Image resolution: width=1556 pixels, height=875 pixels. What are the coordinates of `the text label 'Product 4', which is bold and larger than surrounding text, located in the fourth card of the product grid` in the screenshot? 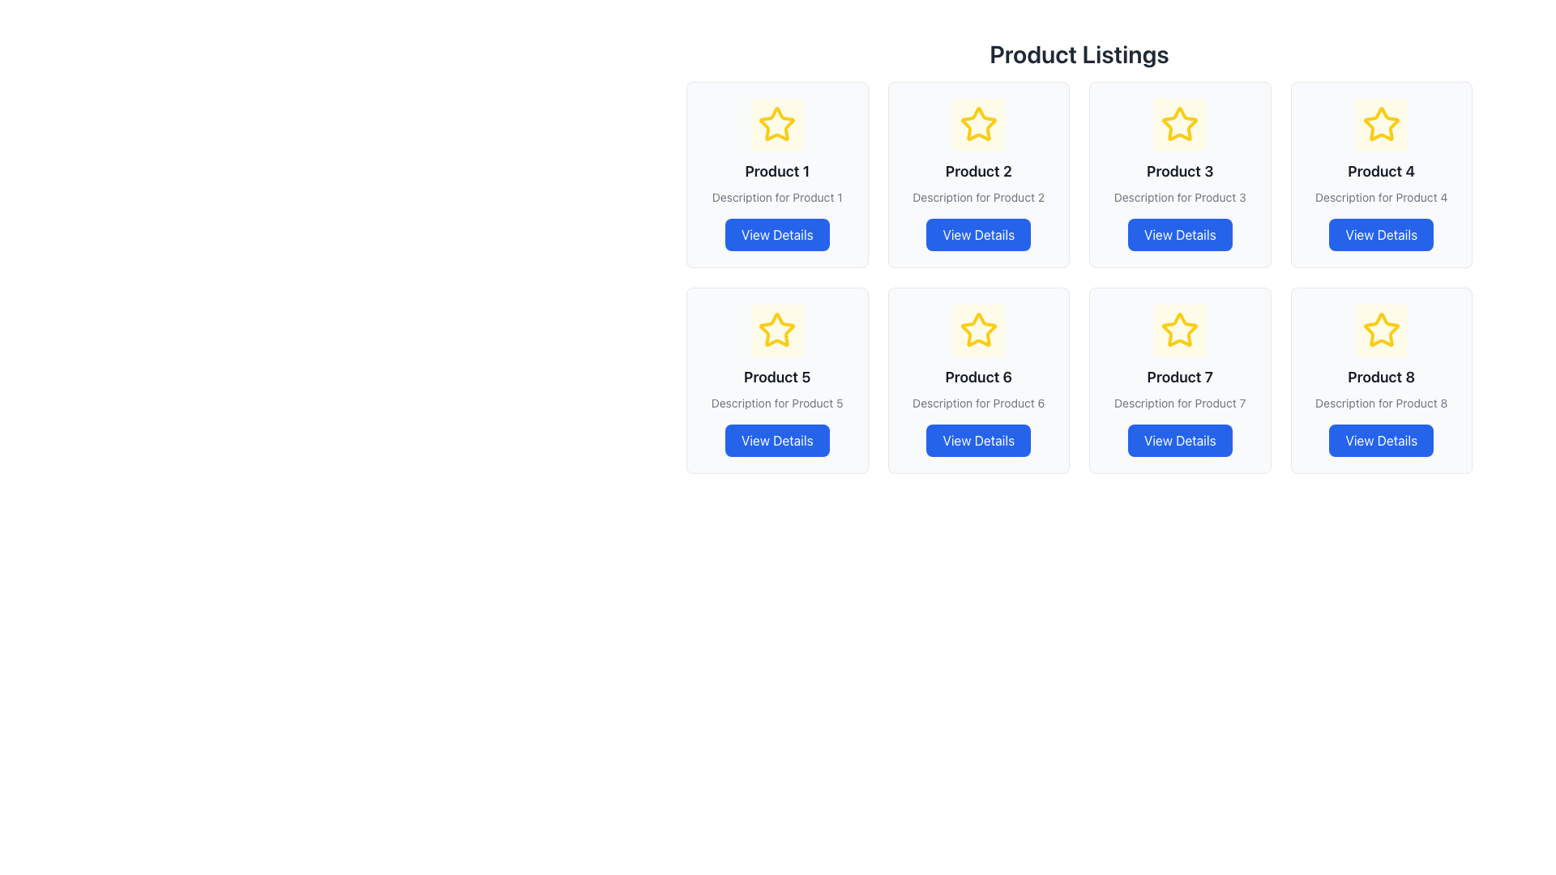 It's located at (1380, 172).